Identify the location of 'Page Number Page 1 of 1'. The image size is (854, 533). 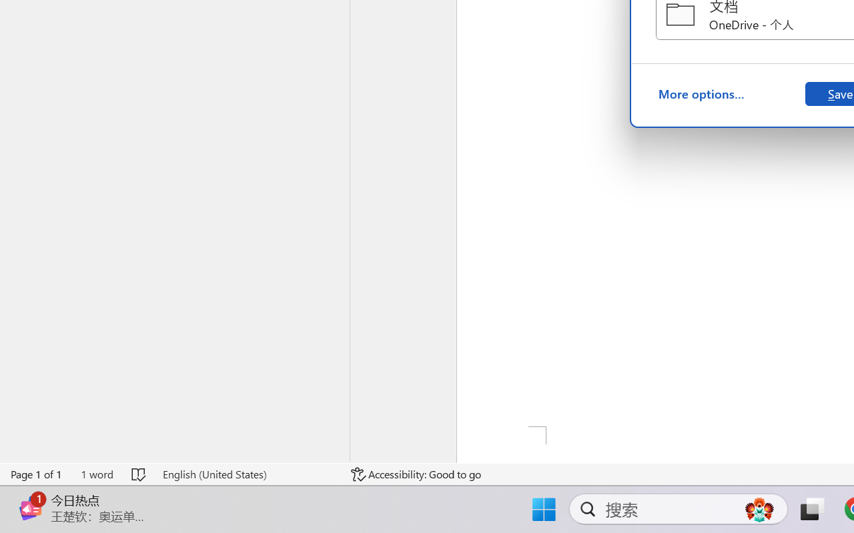
(37, 474).